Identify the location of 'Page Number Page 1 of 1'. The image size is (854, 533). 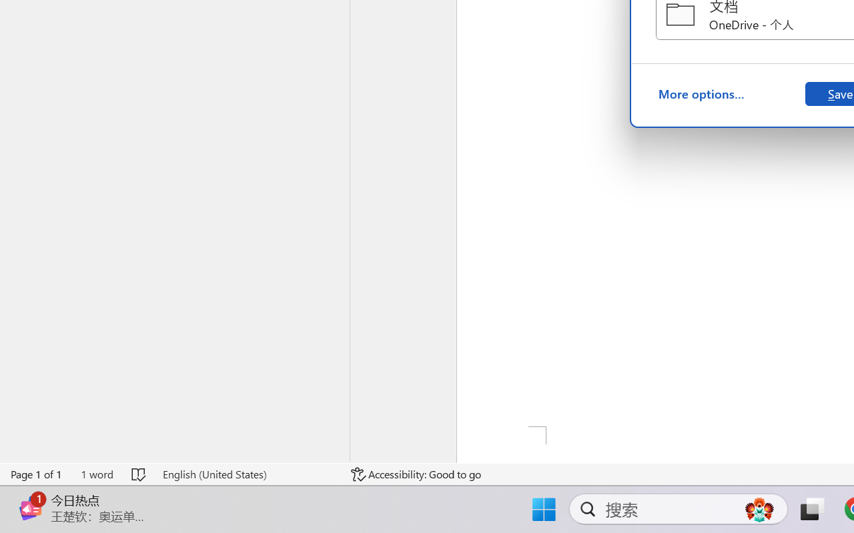
(37, 474).